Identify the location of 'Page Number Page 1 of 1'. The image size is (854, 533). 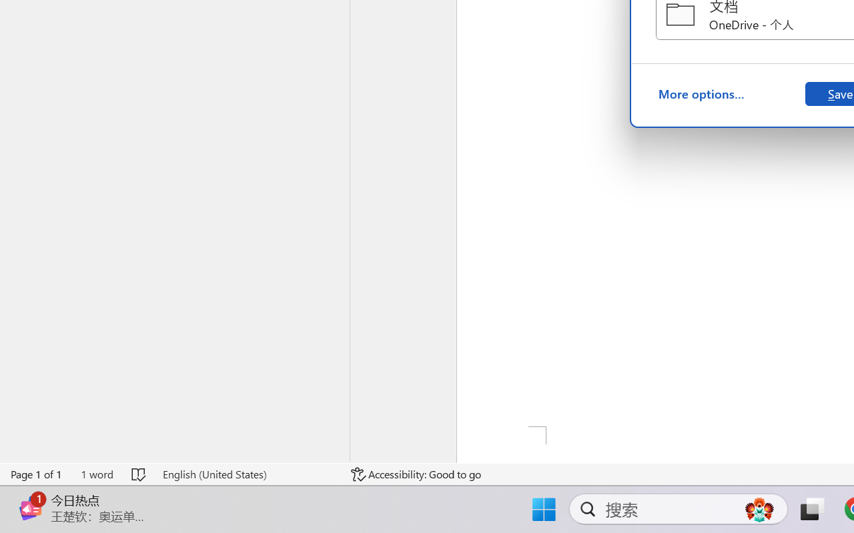
(37, 474).